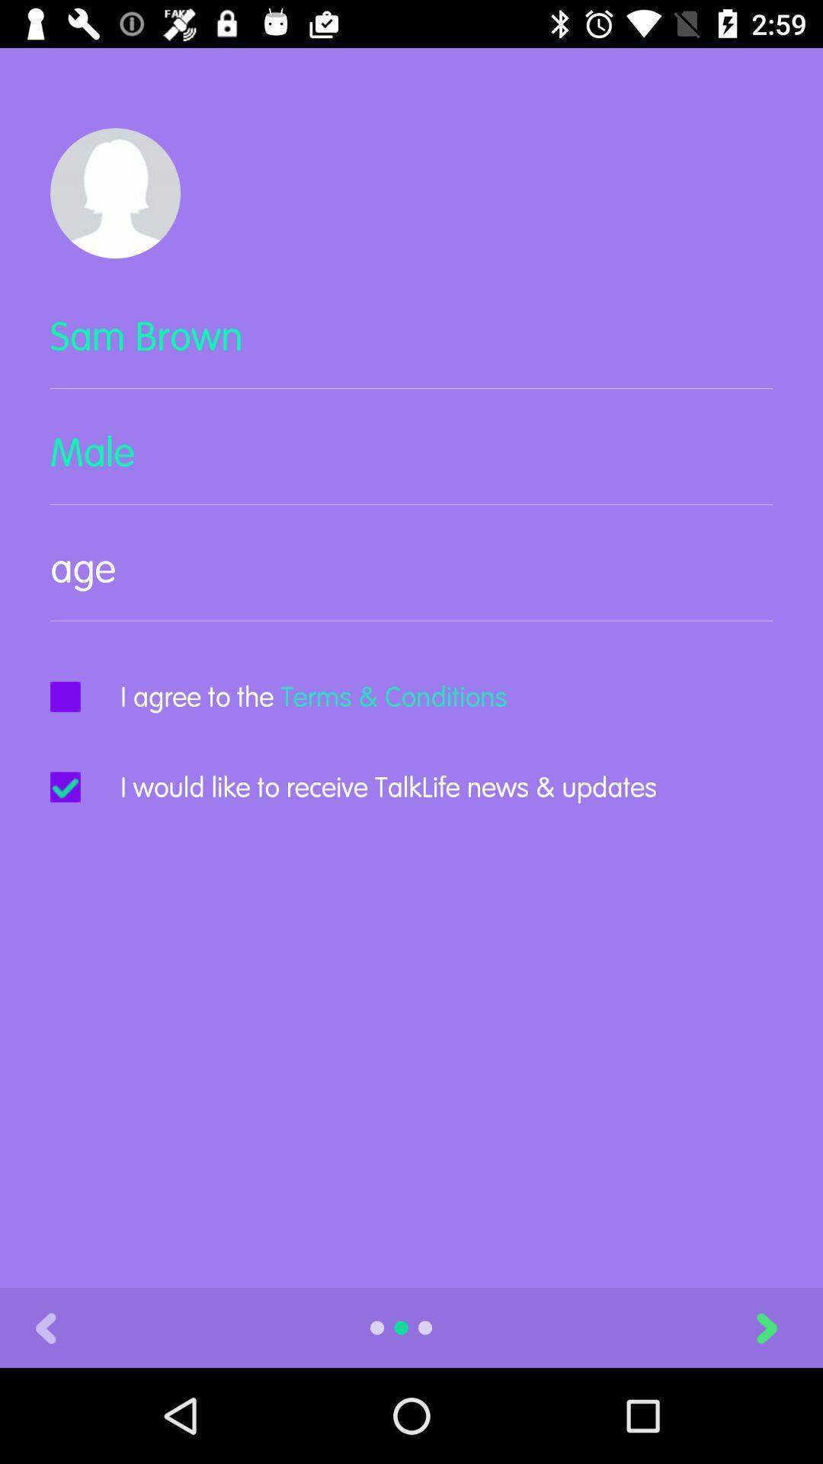 The height and width of the screenshot is (1464, 823). What do you see at coordinates (411, 580) in the screenshot?
I see `what 's your age` at bounding box center [411, 580].